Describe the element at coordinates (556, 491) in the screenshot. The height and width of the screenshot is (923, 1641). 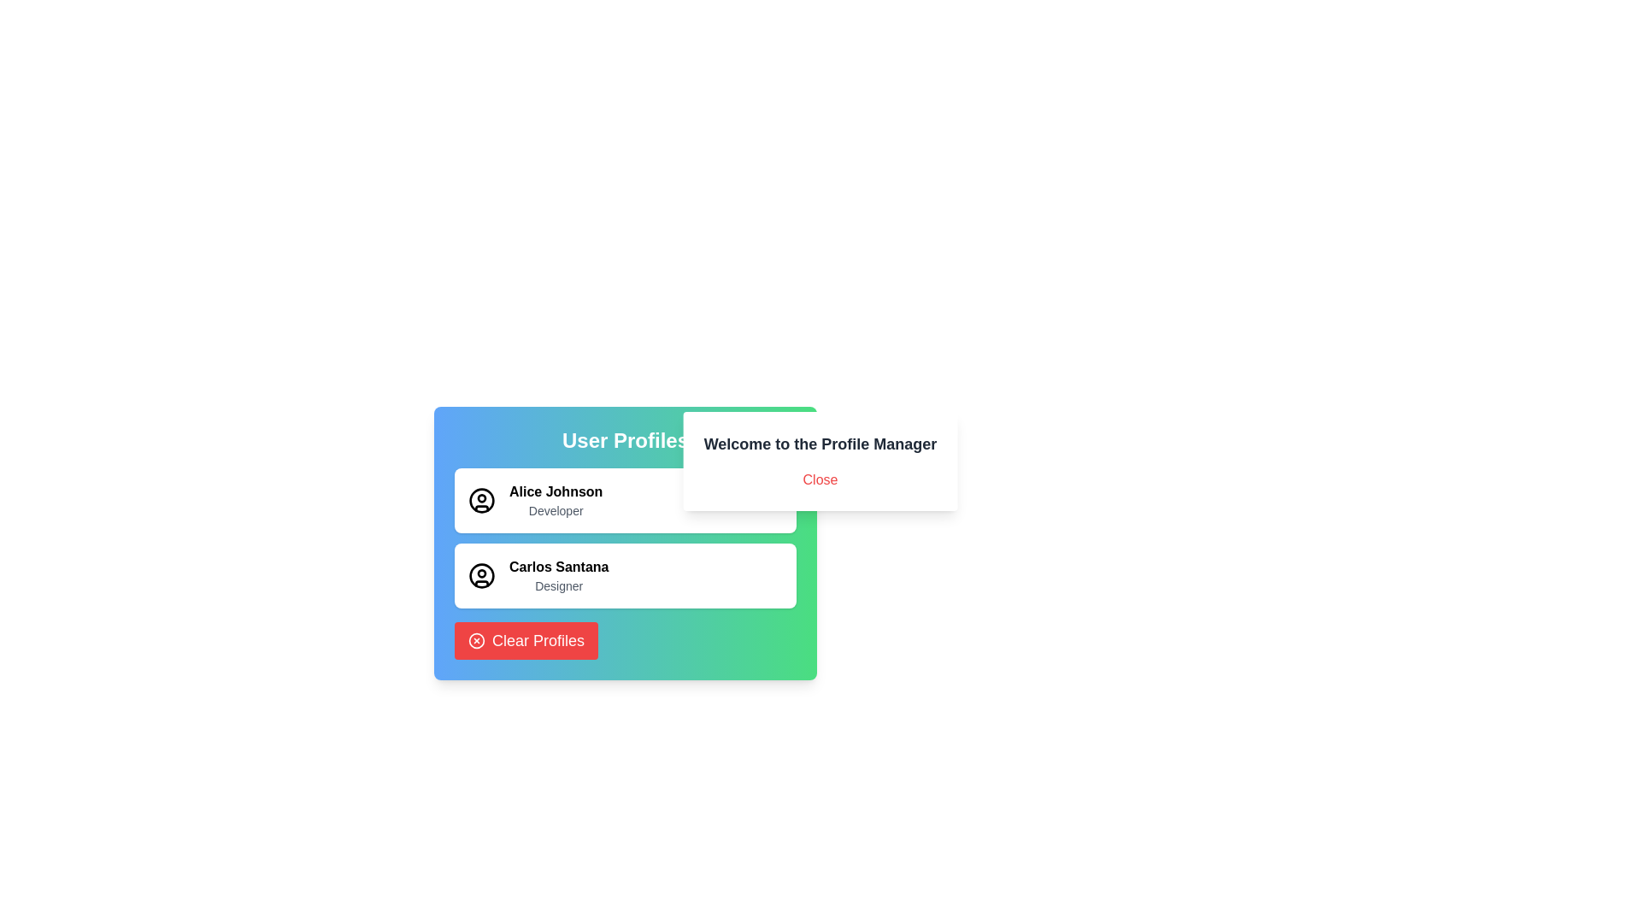
I see `the static text label displaying the name 'Alice Johnson', which serves to identify a user within the interface` at that location.